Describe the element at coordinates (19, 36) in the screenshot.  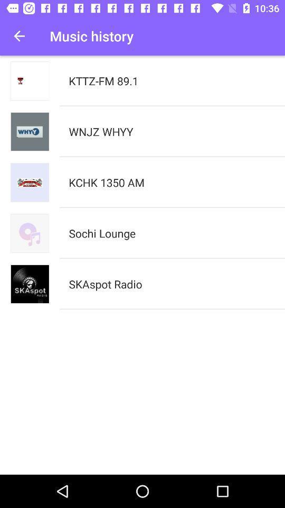
I see `the item next to music history icon` at that location.